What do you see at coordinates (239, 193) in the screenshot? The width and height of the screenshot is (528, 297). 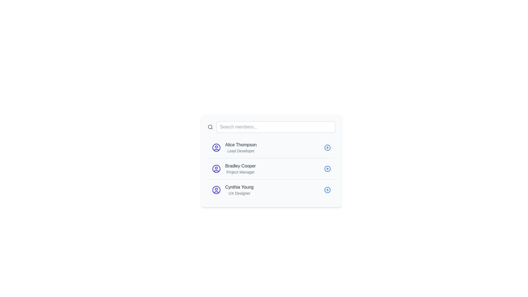 I see `the text label 'UX Designer' which is styled in gray and positioned directly below the bold label 'Cynthia Young' in the third list entry` at bounding box center [239, 193].